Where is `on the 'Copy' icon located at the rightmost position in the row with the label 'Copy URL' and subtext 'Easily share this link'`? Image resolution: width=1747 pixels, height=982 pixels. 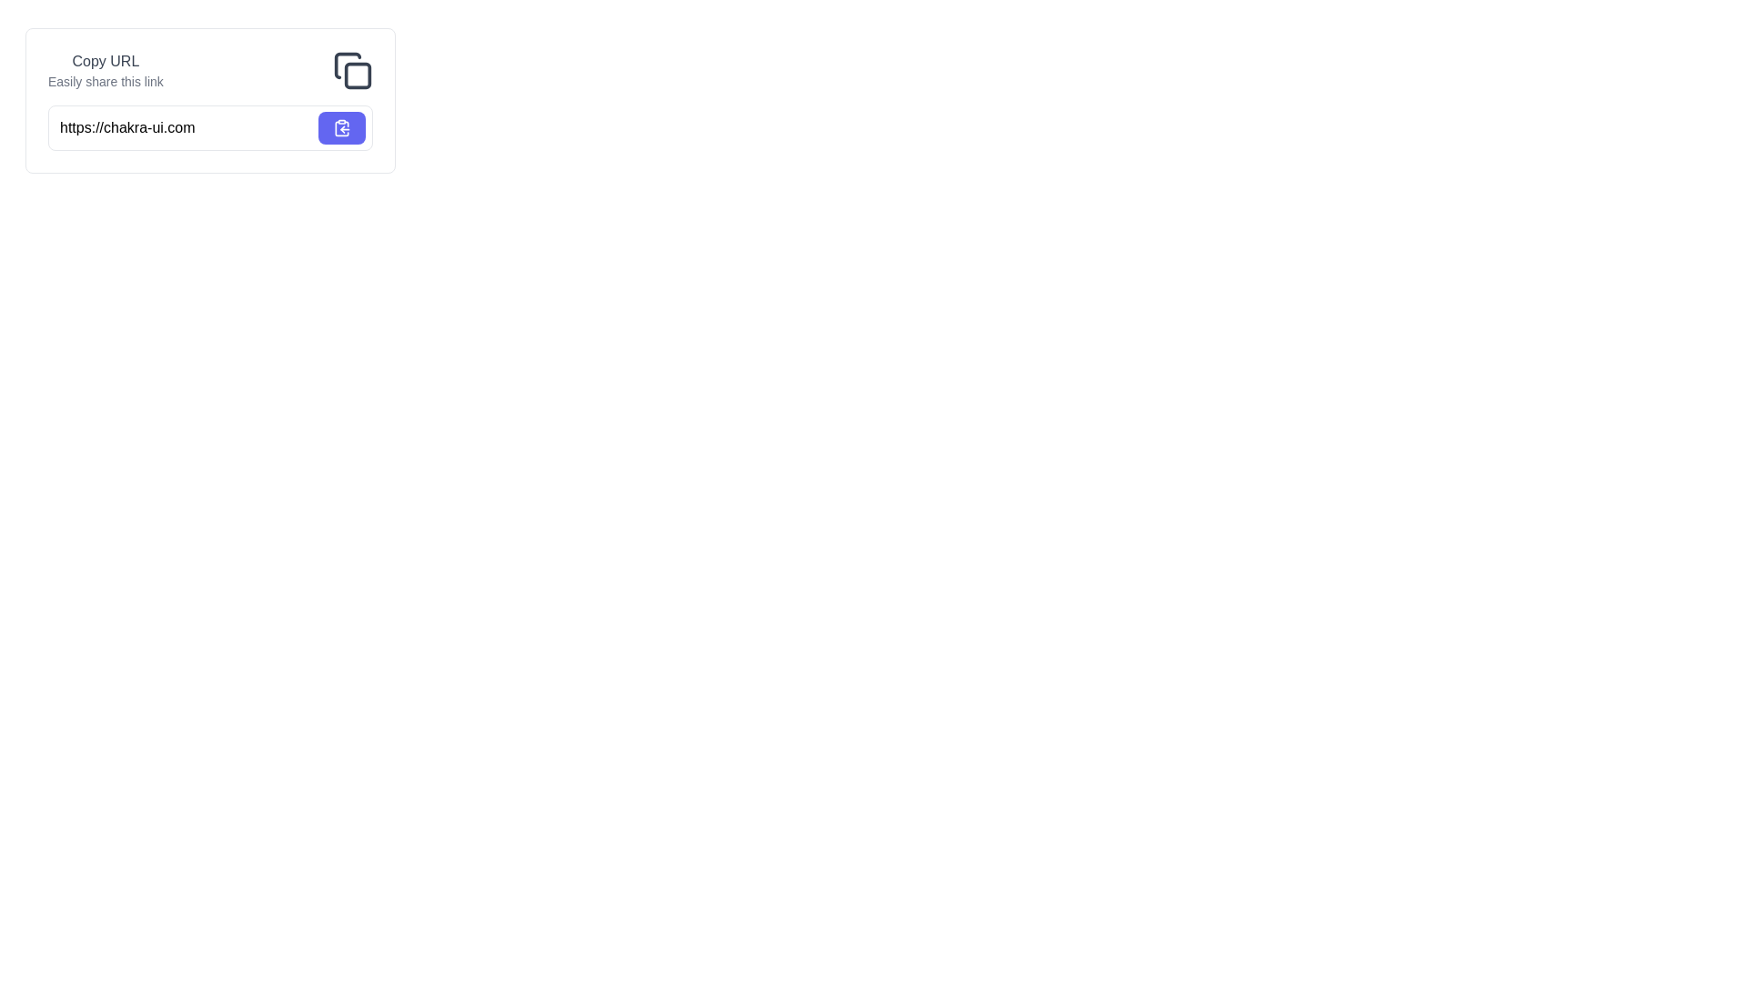 on the 'Copy' icon located at the rightmost position in the row with the label 'Copy URL' and subtext 'Easily share this link' is located at coordinates (353, 69).